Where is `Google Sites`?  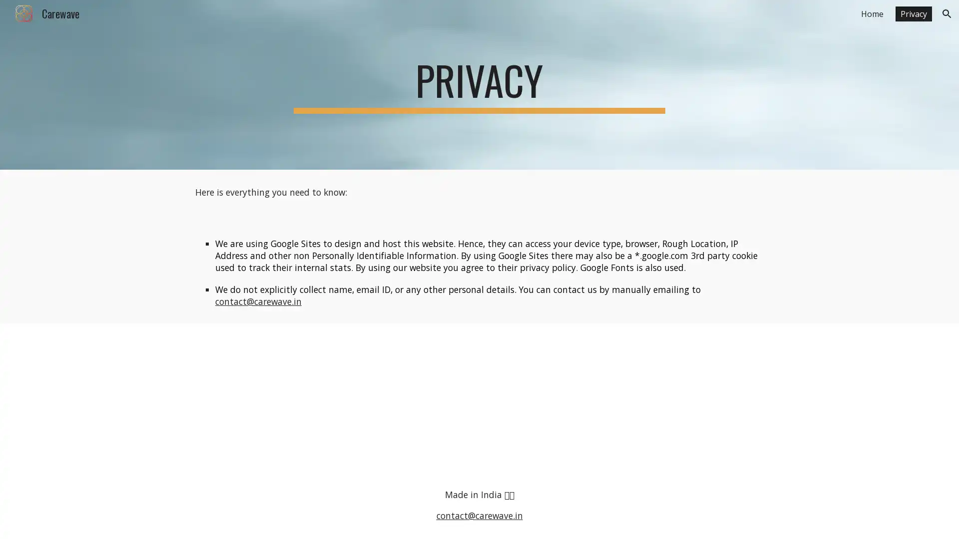 Google Sites is located at coordinates (48, 521).